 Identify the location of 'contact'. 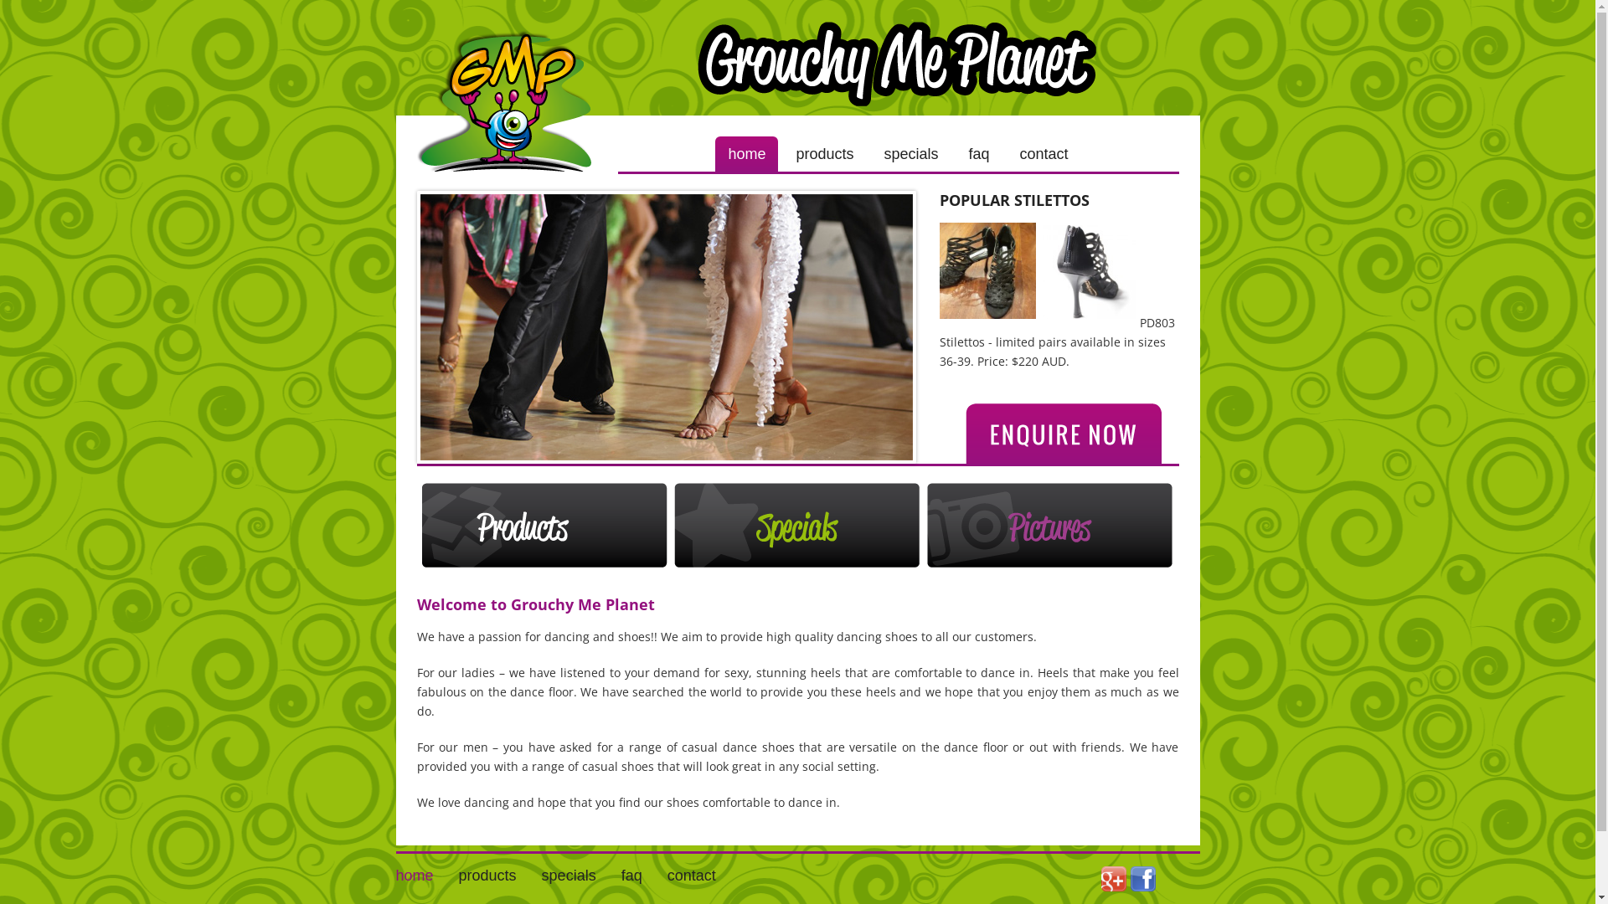
(666, 874).